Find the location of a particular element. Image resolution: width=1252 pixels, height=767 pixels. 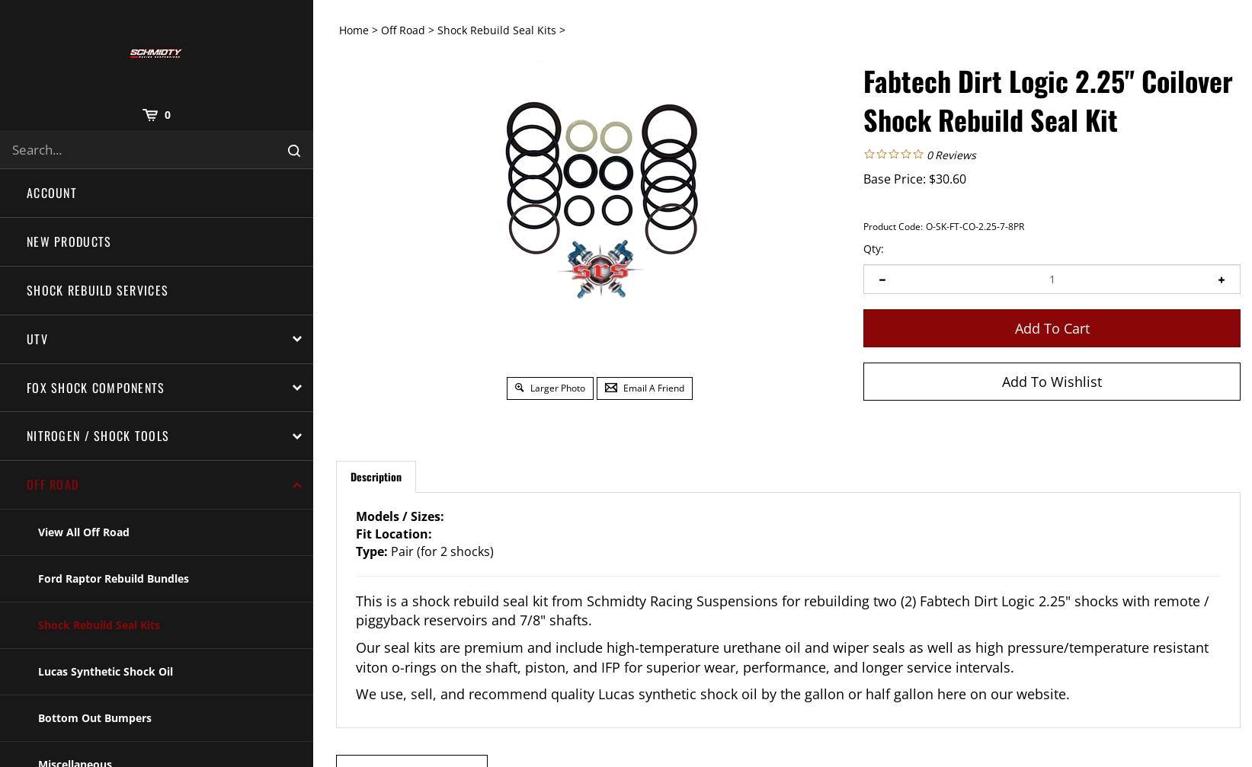

'O-SK-FT-CO-2.25-7-8PR' is located at coordinates (975, 225).